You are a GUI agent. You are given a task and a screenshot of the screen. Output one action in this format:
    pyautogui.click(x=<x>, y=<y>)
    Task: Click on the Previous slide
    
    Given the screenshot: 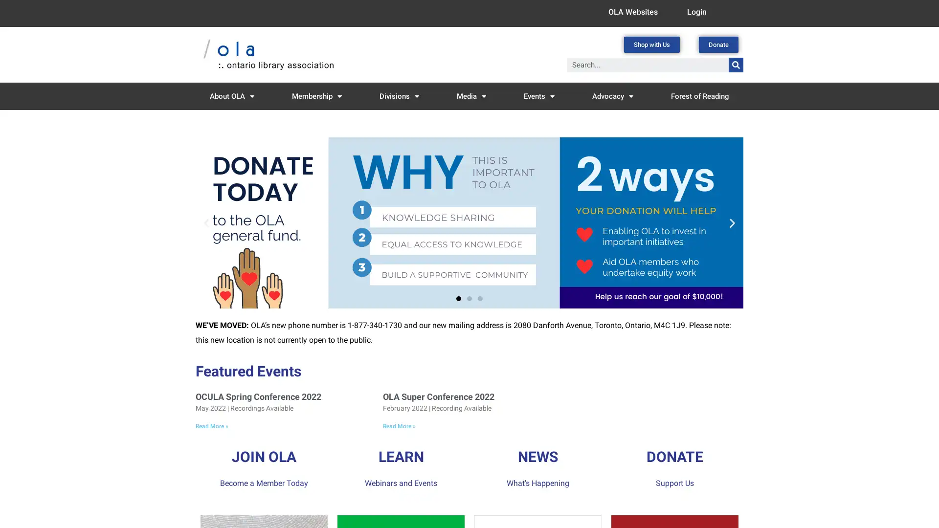 What is the action you would take?
    pyautogui.click(x=206, y=222)
    